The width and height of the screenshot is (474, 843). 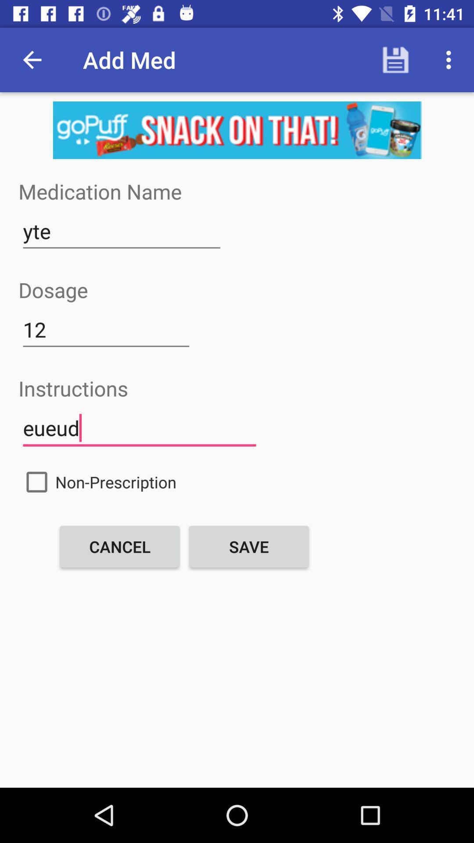 What do you see at coordinates (237, 130) in the screenshot?
I see `advertisement banner` at bounding box center [237, 130].